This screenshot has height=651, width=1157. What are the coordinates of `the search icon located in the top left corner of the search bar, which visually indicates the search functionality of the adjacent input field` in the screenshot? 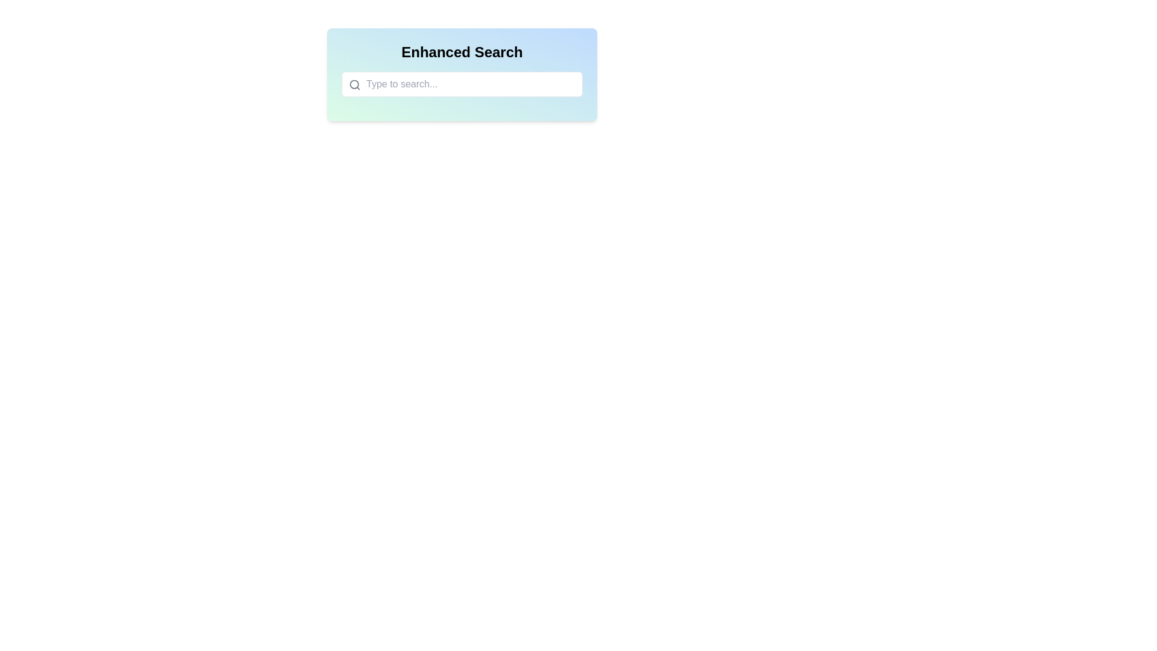 It's located at (354, 84).